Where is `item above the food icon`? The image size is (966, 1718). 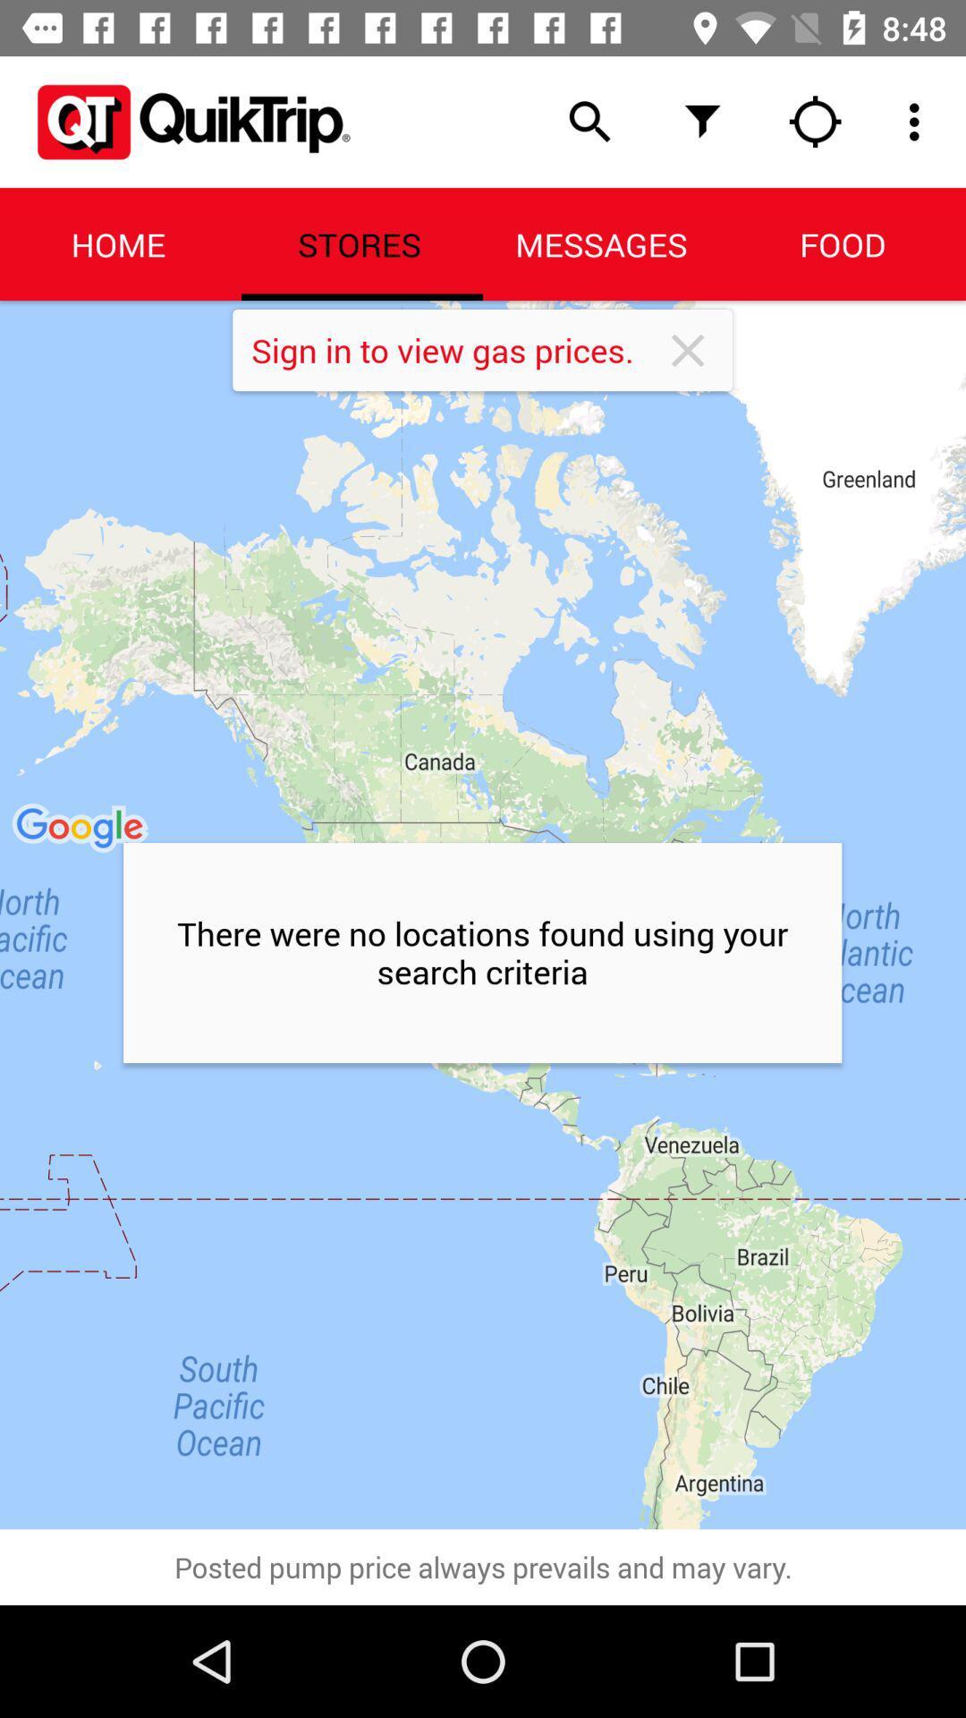
item above the food icon is located at coordinates (919, 121).